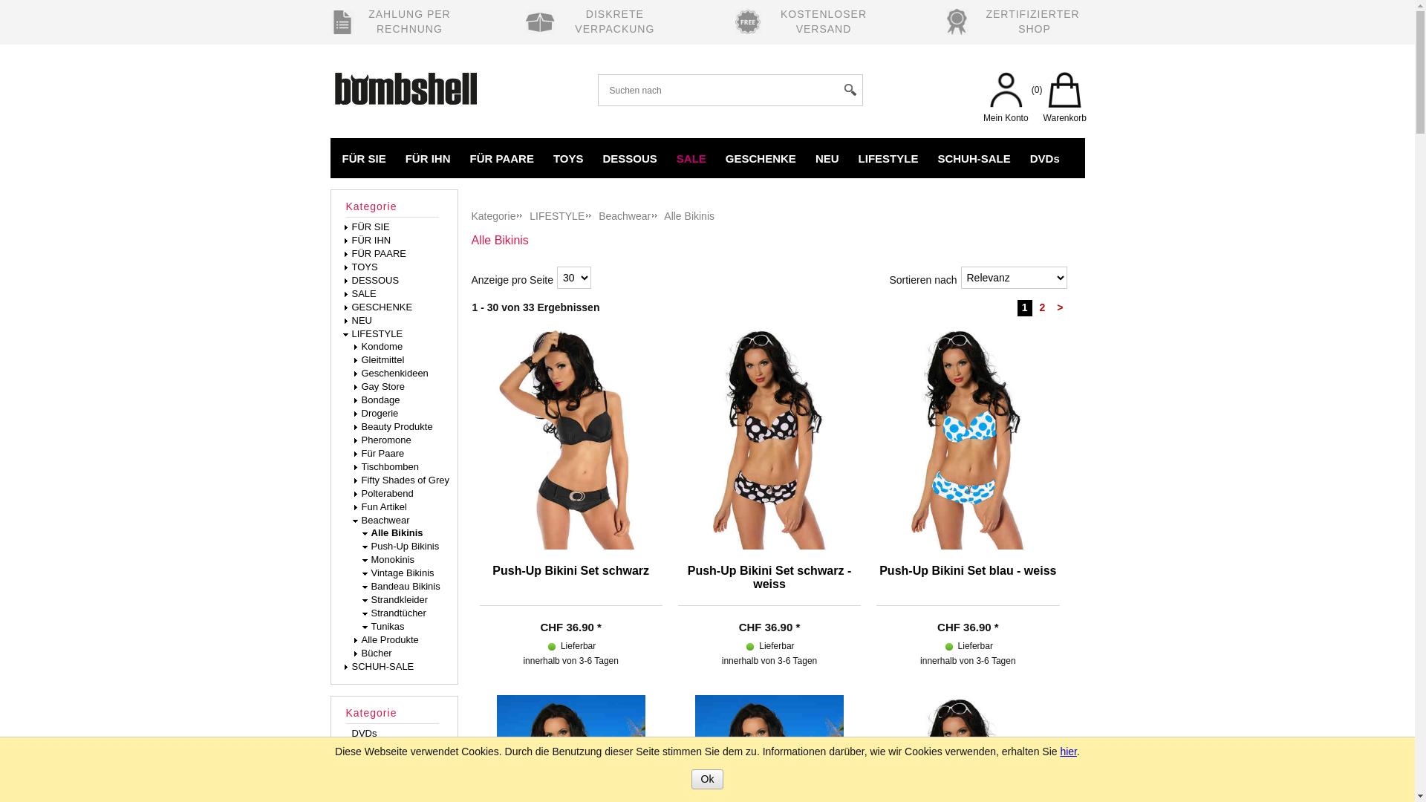  Describe the element at coordinates (371, 559) in the screenshot. I see `' Monokinis'` at that location.